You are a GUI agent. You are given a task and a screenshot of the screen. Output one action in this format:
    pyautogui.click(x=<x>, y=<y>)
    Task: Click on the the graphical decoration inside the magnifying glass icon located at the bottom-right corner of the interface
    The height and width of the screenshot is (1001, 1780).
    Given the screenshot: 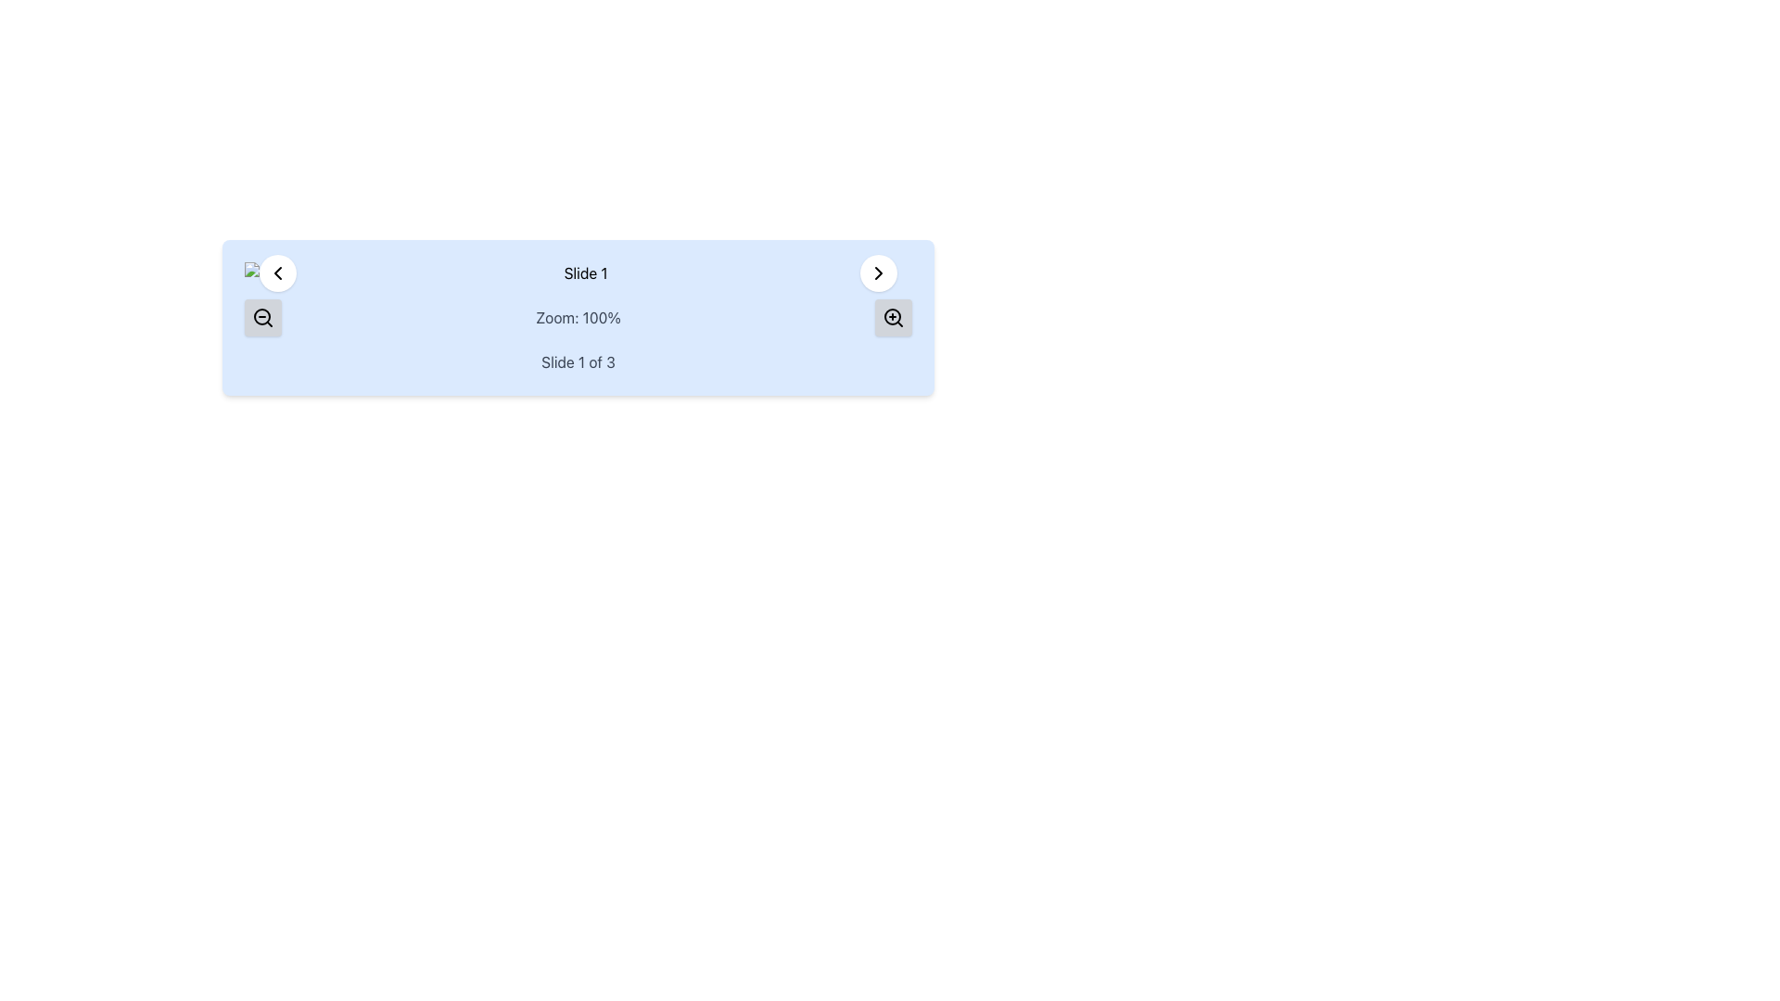 What is the action you would take?
    pyautogui.click(x=261, y=316)
    